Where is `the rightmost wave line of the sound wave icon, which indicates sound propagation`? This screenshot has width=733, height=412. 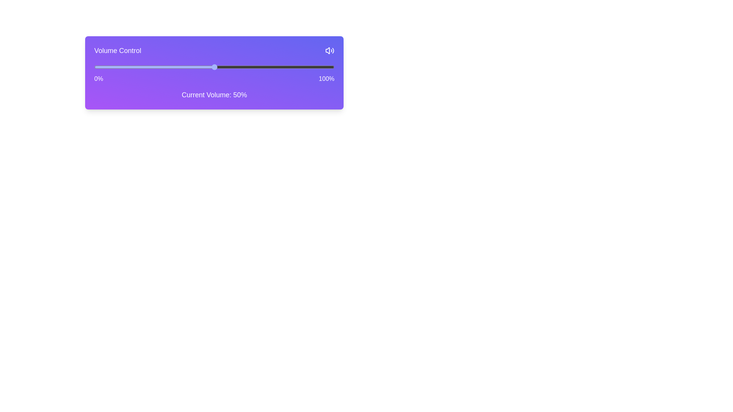 the rightmost wave line of the sound wave icon, which indicates sound propagation is located at coordinates (333, 50).